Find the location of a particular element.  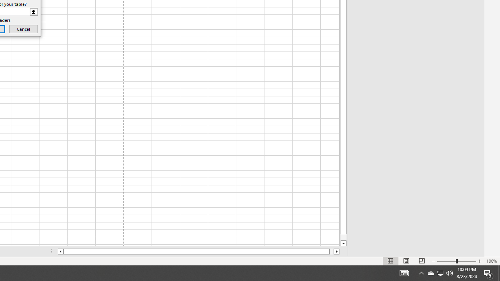

'Zoom' is located at coordinates (456, 261).